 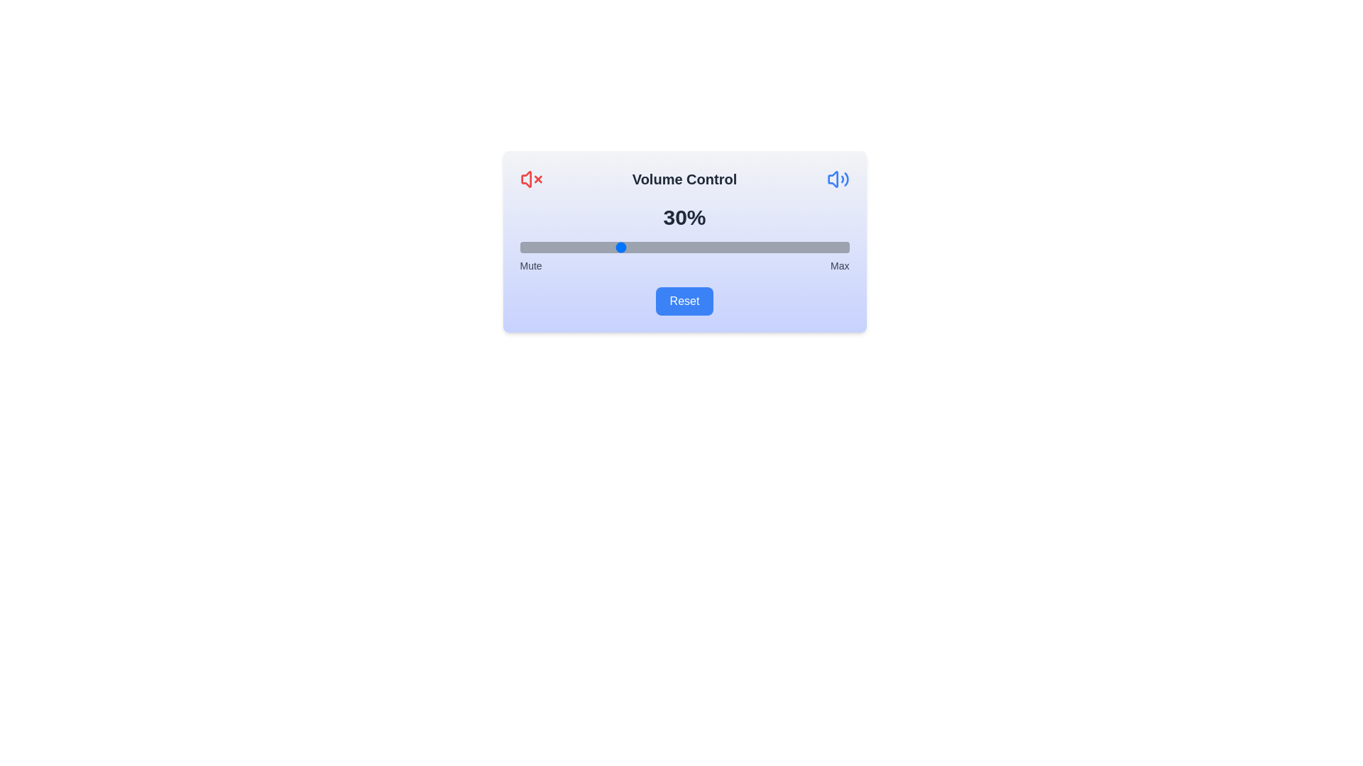 I want to click on the reset button to set the volume to default, so click(x=684, y=300).